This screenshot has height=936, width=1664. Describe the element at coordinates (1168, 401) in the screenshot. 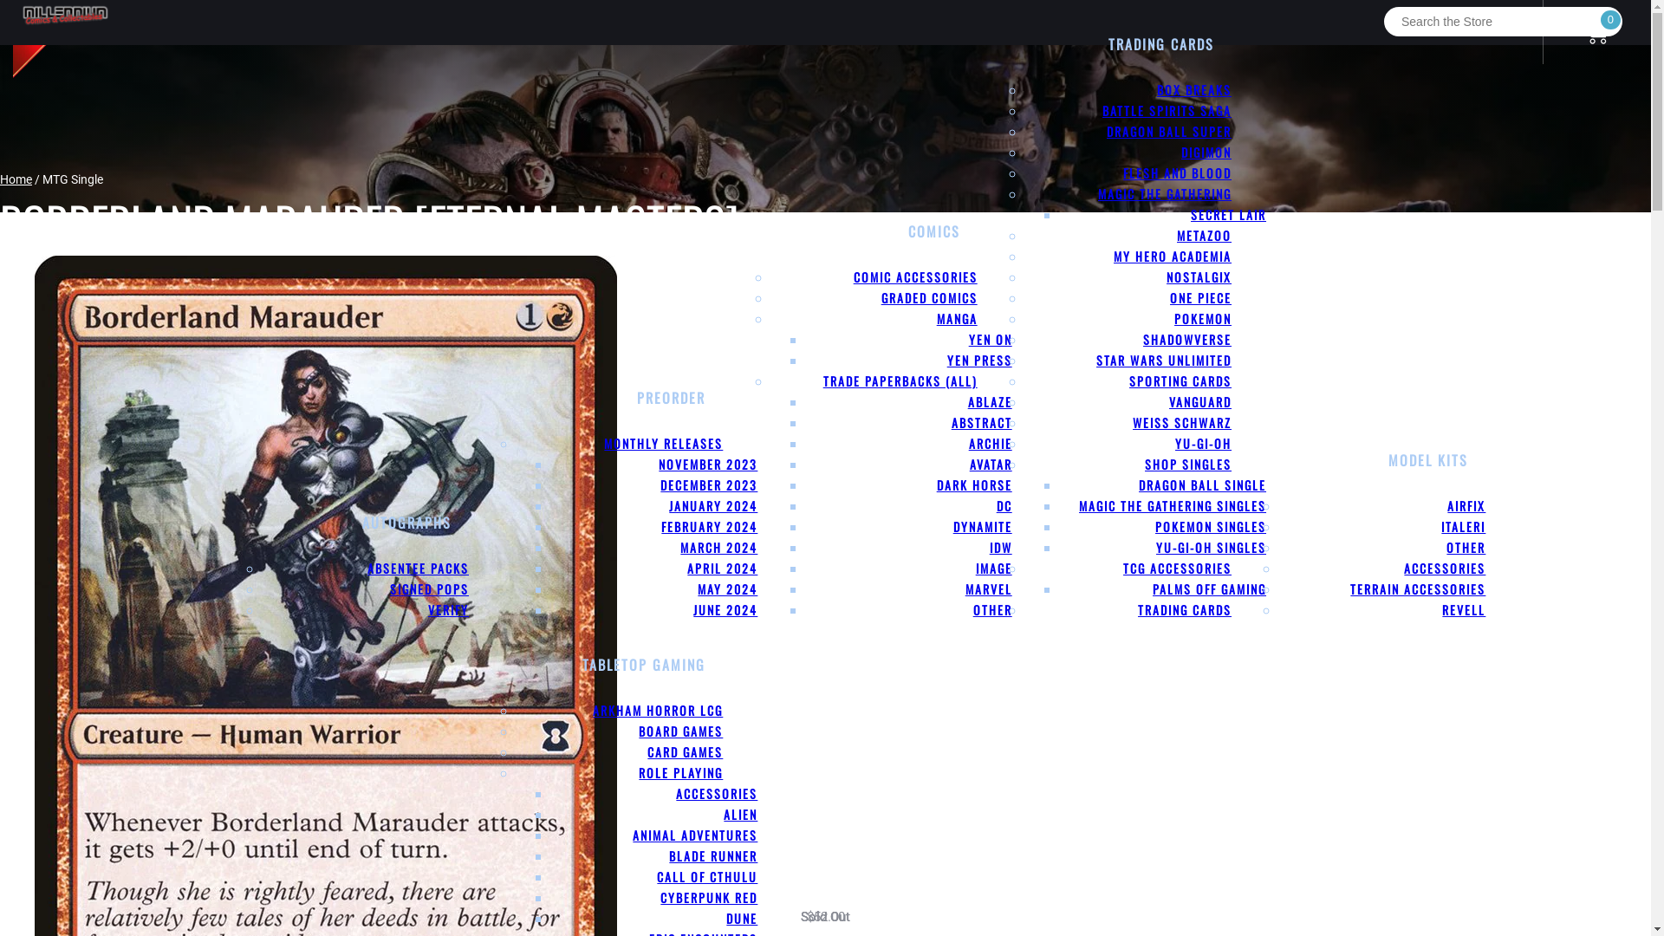

I see `'VANGUARD'` at that location.